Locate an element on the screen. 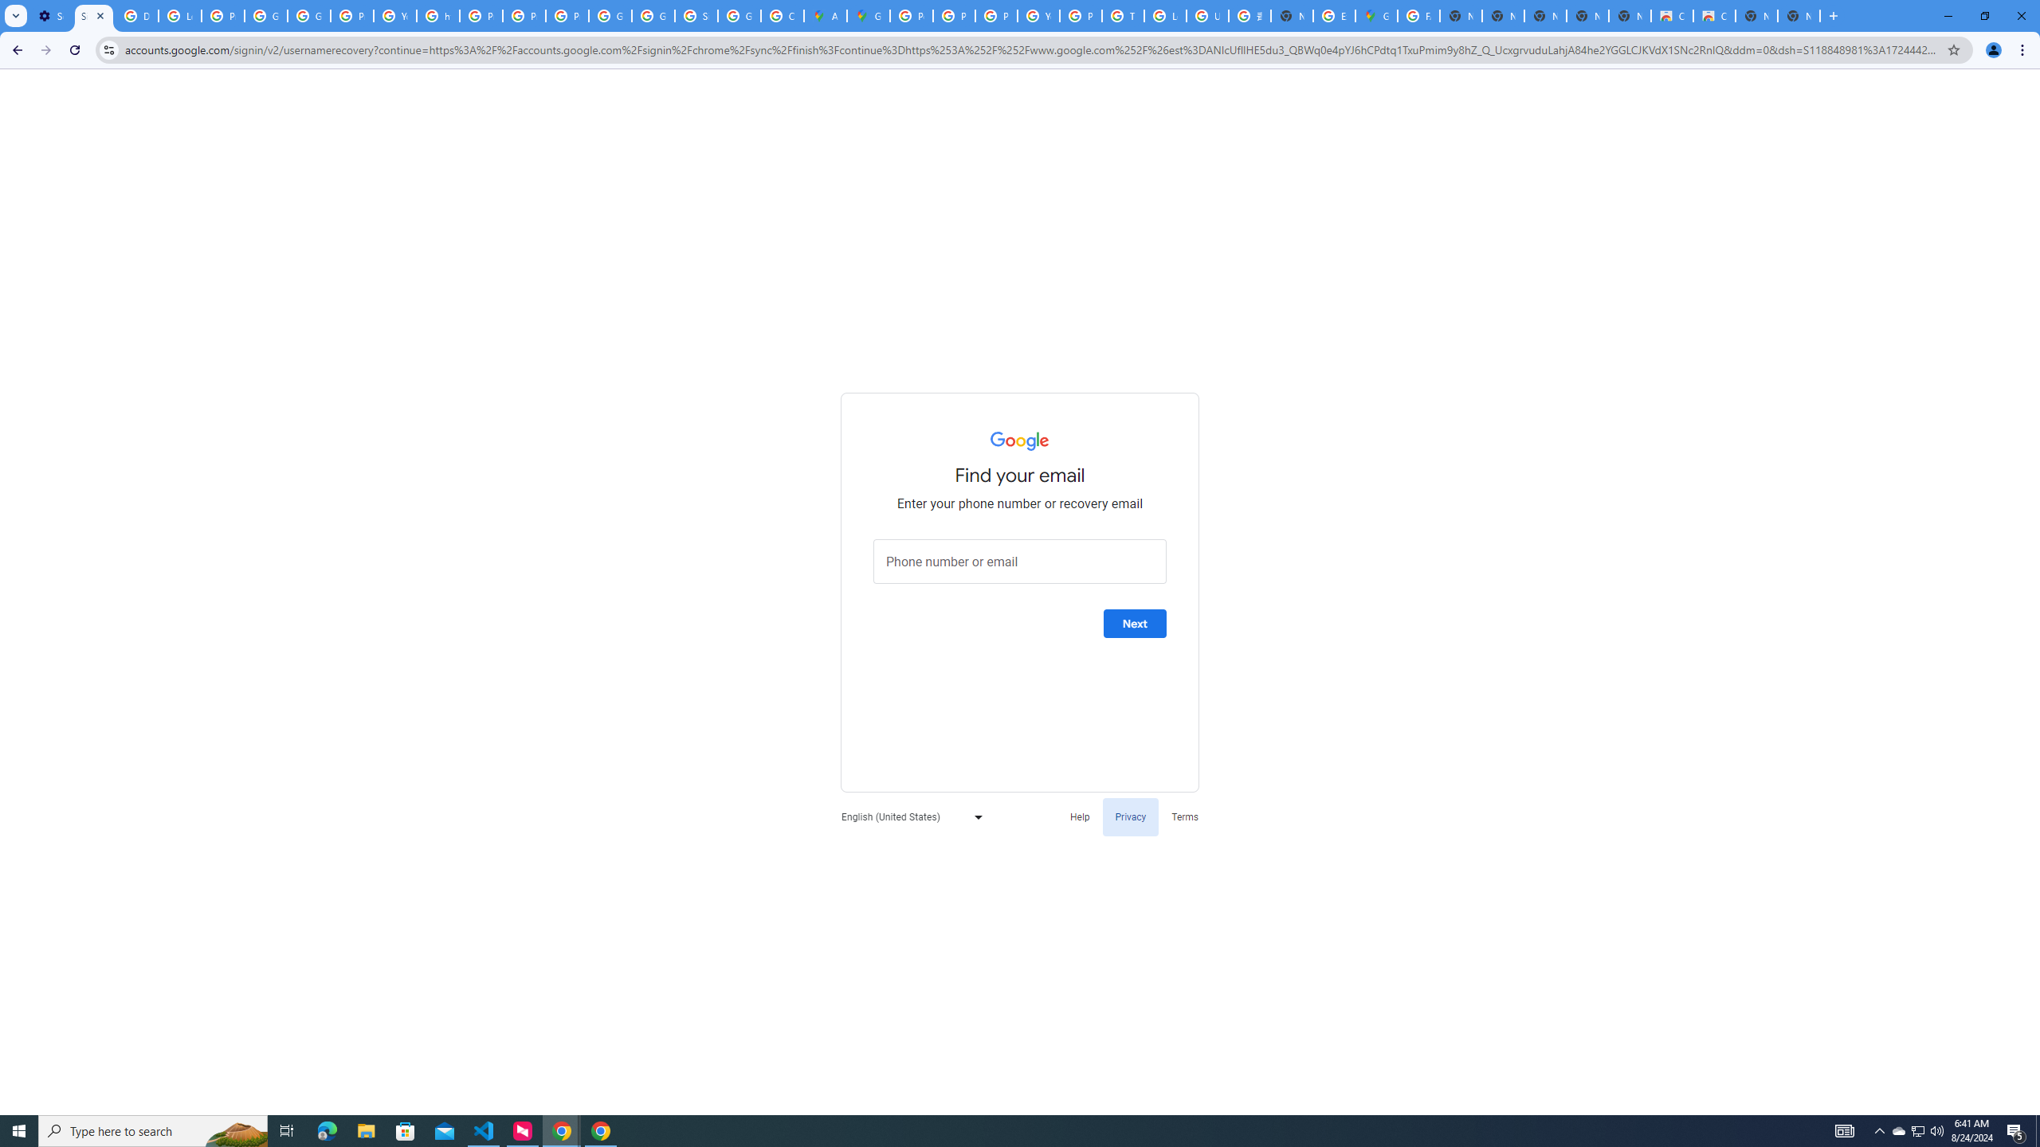  'https://scholar.google.com/' is located at coordinates (438, 15).